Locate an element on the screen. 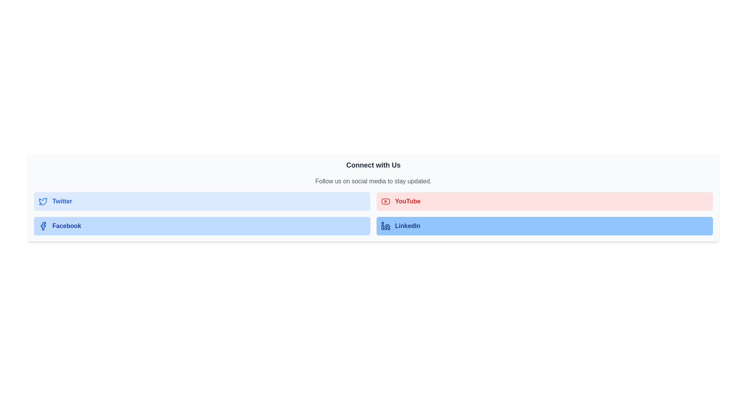 The image size is (740, 416). the Facebook icon located to the left of the text label in the first row of the bottom section of the interface is located at coordinates (42, 225).